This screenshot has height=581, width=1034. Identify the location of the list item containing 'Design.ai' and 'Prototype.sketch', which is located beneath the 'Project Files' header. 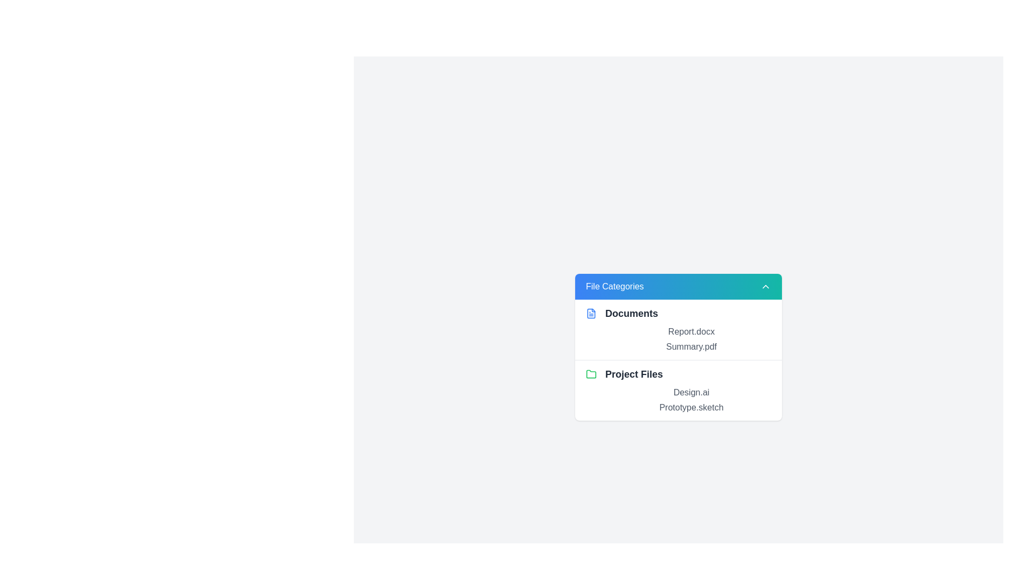
(677, 400).